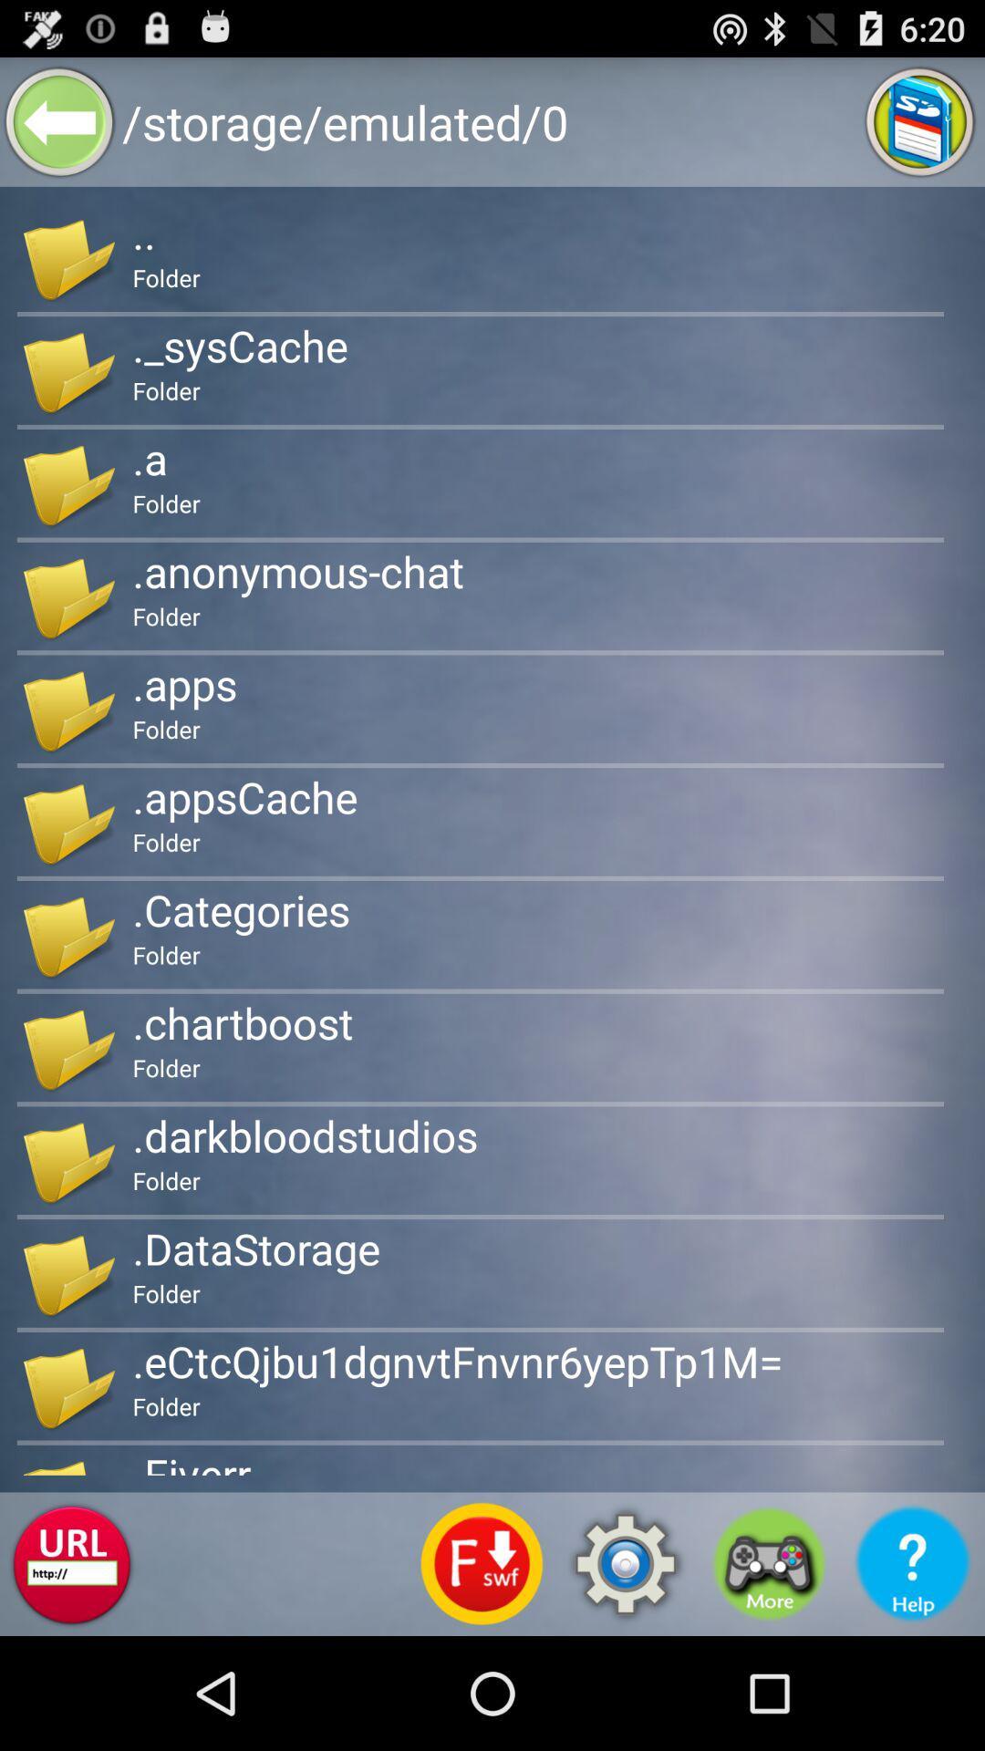  Describe the element at coordinates (769, 1563) in the screenshot. I see `shows the game option` at that location.